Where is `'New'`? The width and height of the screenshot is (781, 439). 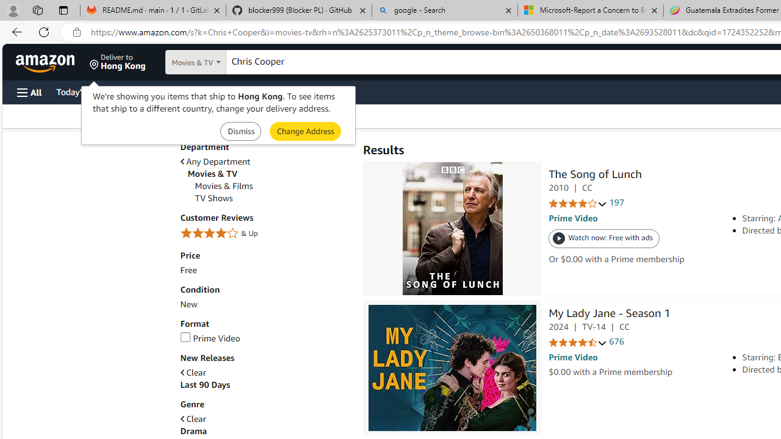 'New' is located at coordinates (264, 304).